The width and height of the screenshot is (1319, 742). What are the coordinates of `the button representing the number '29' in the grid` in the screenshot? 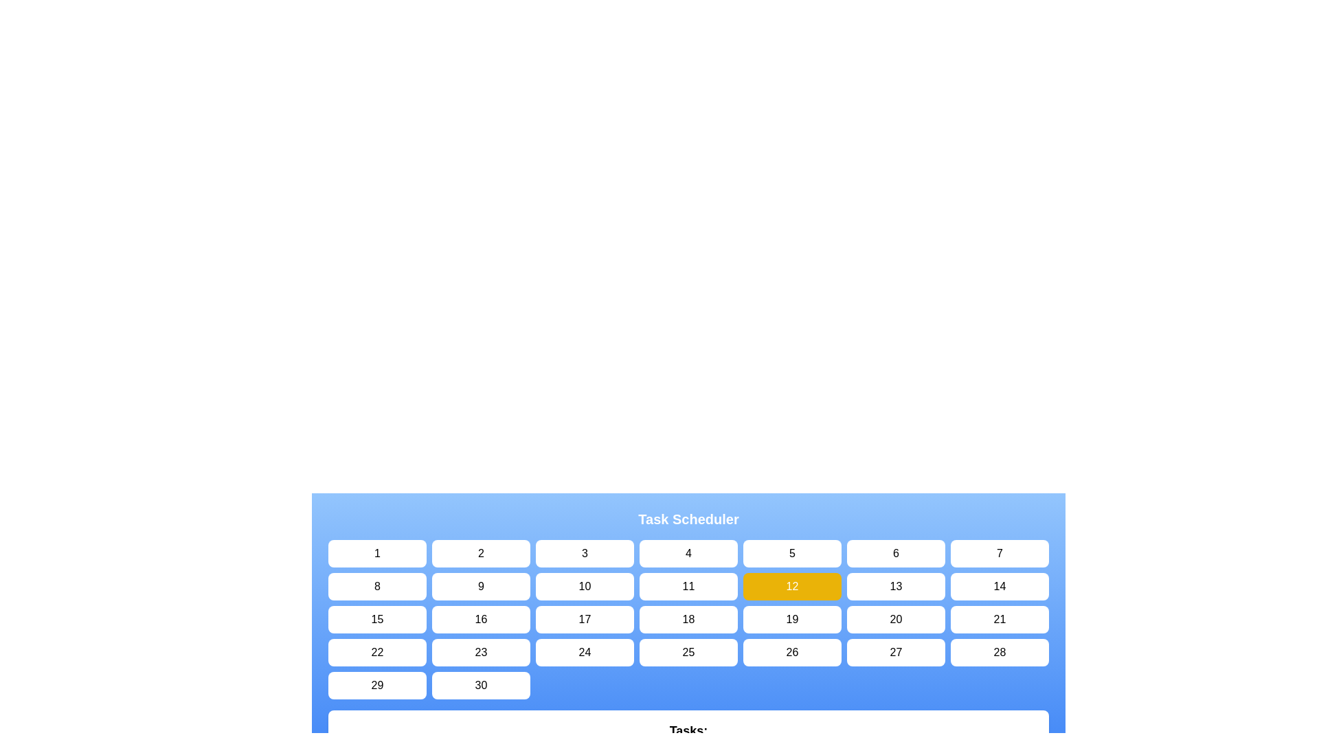 It's located at (377, 686).